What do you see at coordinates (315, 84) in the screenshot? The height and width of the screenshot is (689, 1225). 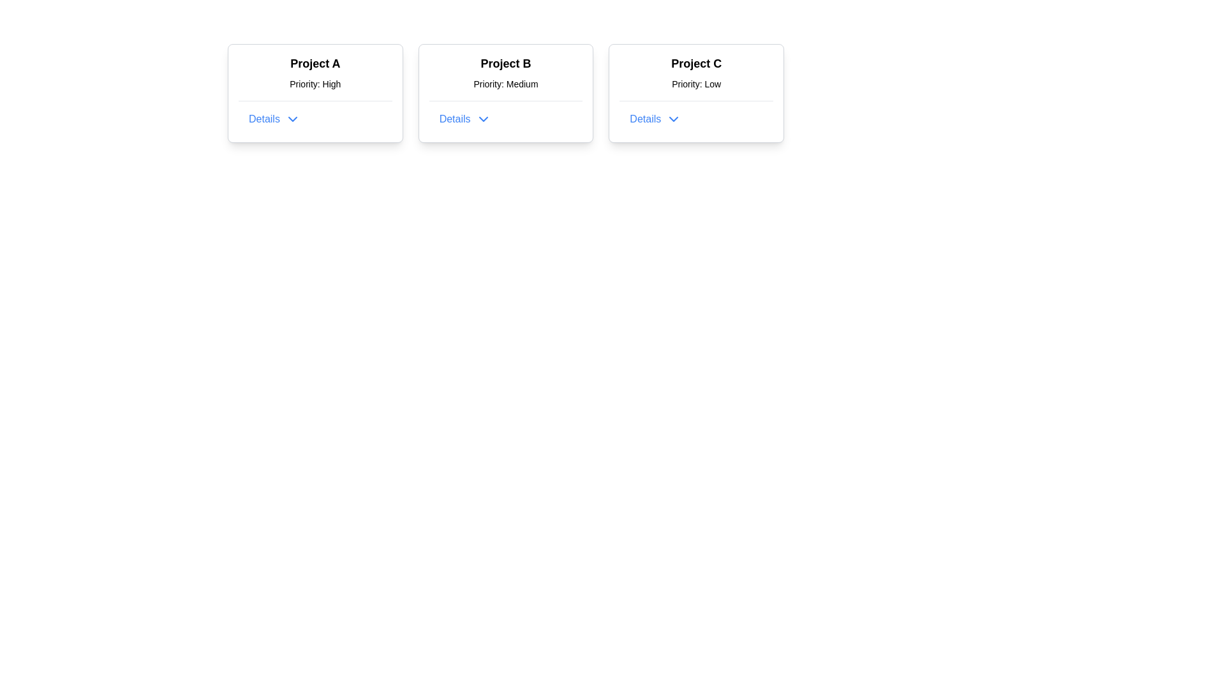 I see `the text label that indicates the priority status ('High') of the project titled 'Project A', which is centrally aligned below the title and above the 'Details' button` at bounding box center [315, 84].